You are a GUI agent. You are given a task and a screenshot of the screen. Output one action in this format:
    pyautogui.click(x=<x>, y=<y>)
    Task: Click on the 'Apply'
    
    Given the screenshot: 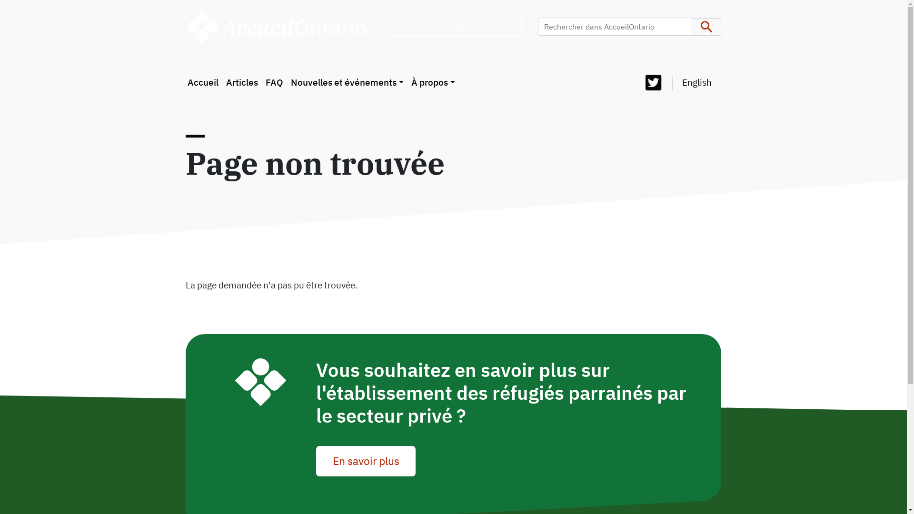 What is the action you would take?
    pyautogui.click(x=706, y=27)
    